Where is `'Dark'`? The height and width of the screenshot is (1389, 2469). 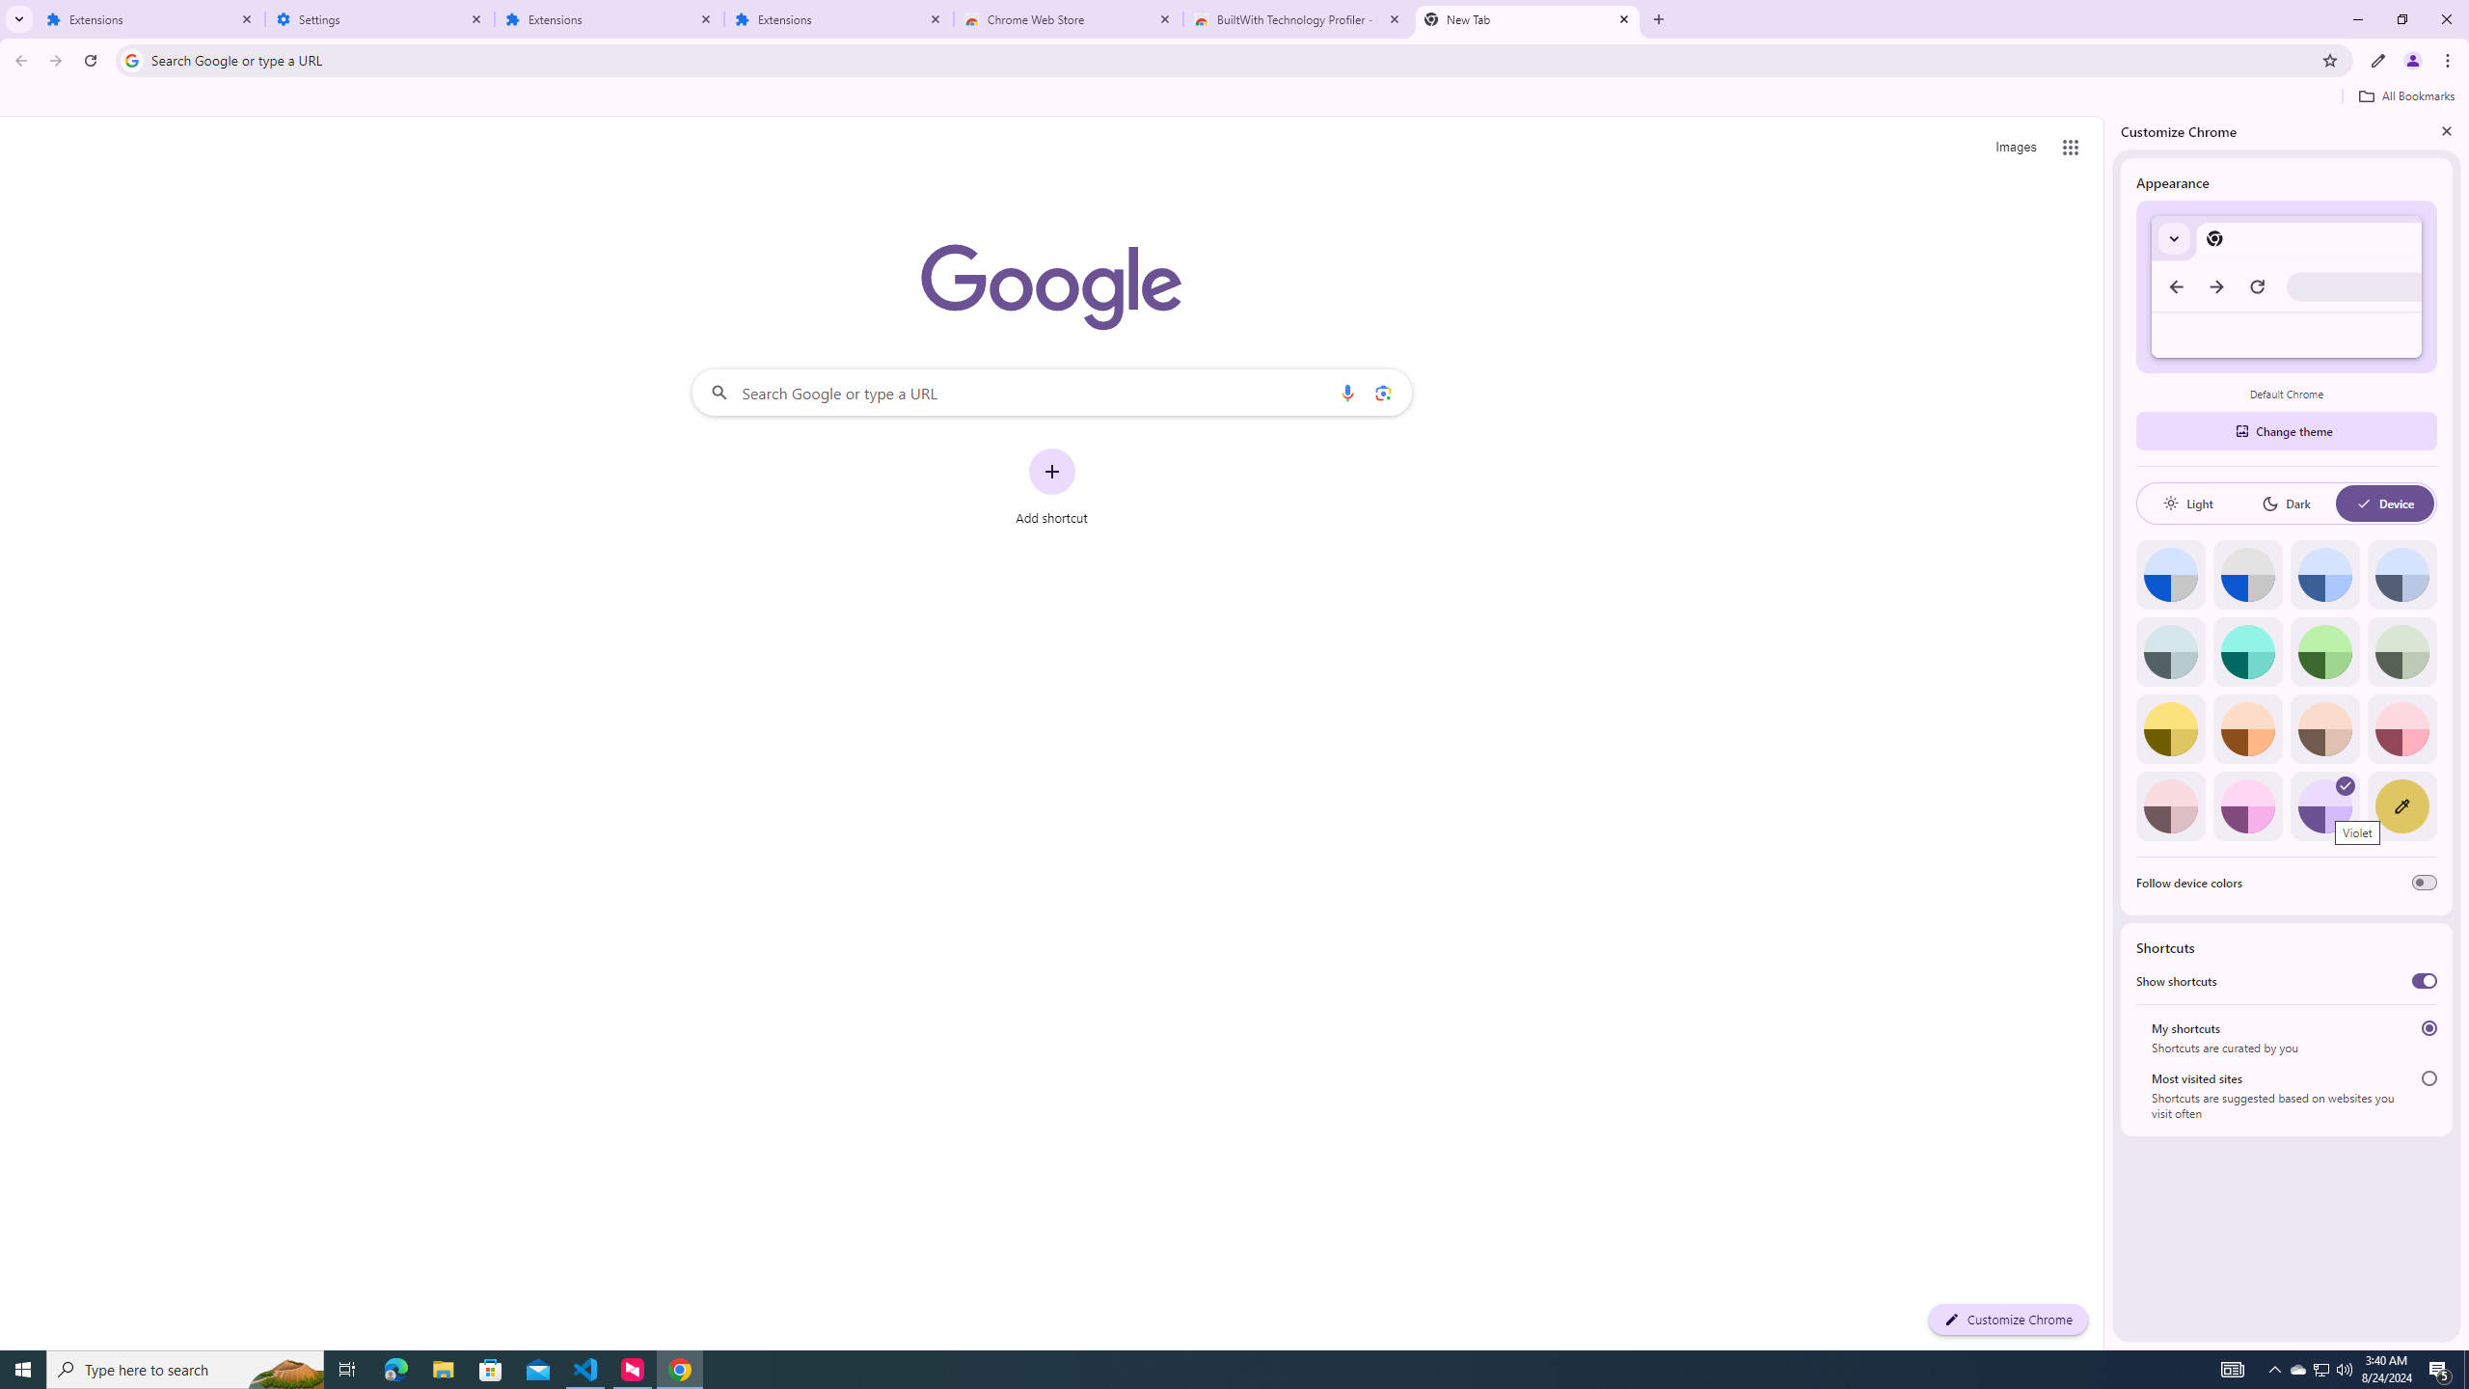
'Dark' is located at coordinates (2285, 503).